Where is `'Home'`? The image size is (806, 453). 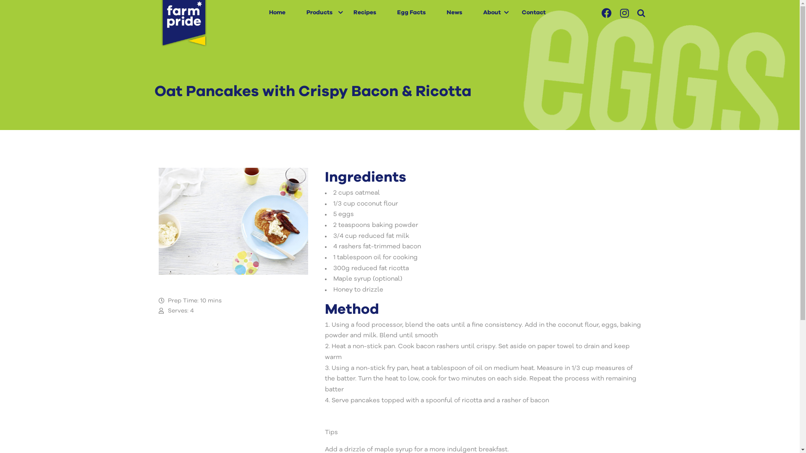 'Home' is located at coordinates (277, 13).